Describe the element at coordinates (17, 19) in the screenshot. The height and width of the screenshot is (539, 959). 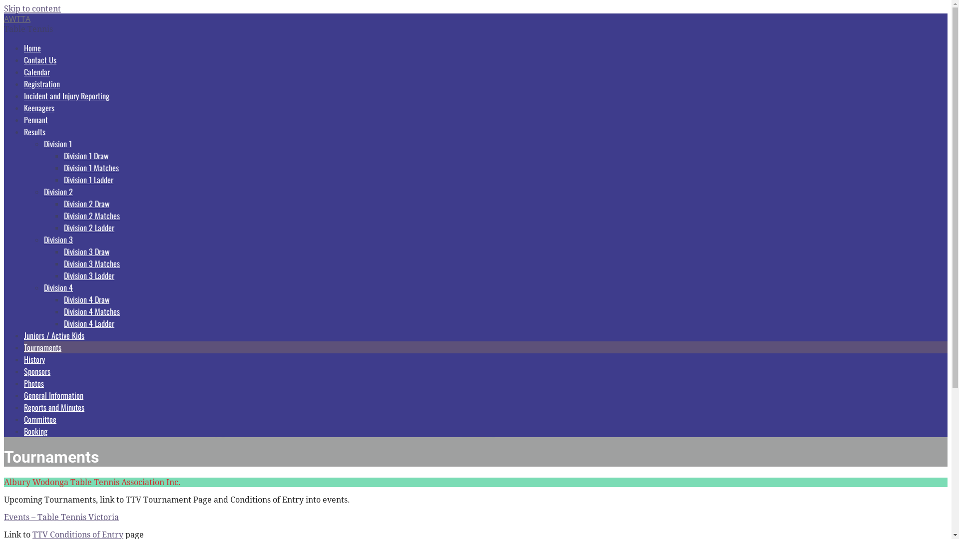
I see `'AWTTA'` at that location.